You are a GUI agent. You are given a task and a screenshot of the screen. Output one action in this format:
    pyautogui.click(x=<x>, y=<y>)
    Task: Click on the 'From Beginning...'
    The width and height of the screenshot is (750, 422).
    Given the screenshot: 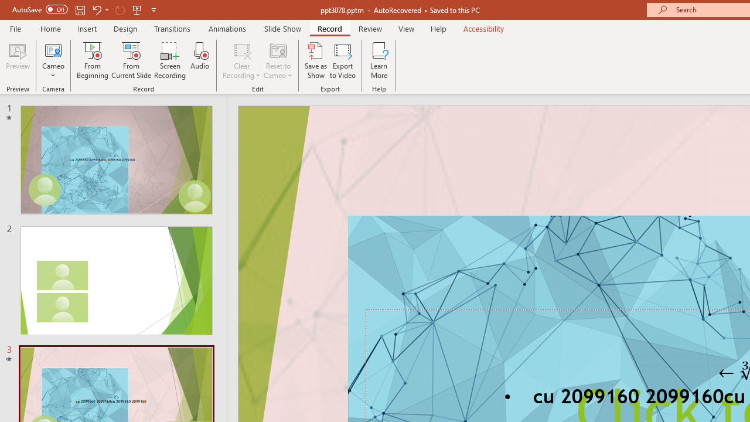 What is the action you would take?
    pyautogui.click(x=92, y=60)
    